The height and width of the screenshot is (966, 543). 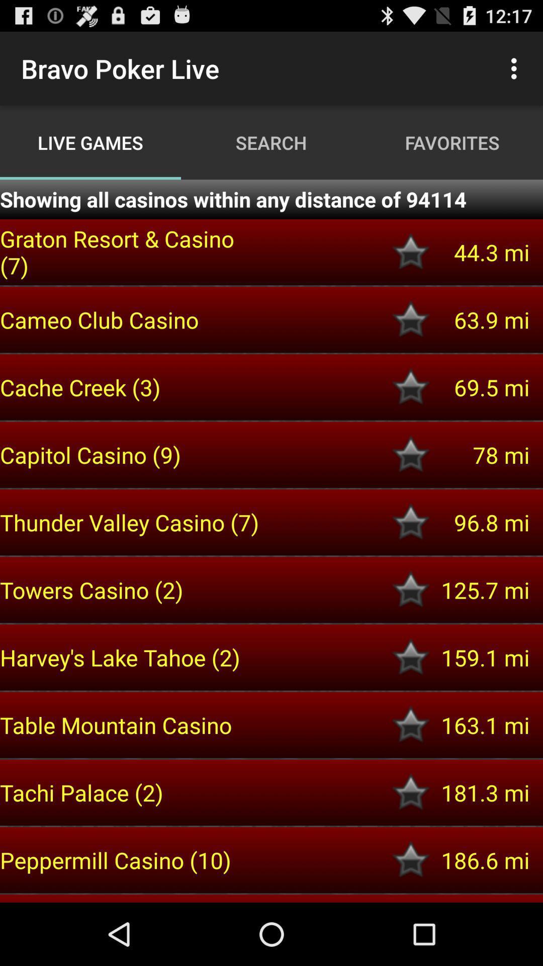 I want to click on favorite, so click(x=411, y=657).